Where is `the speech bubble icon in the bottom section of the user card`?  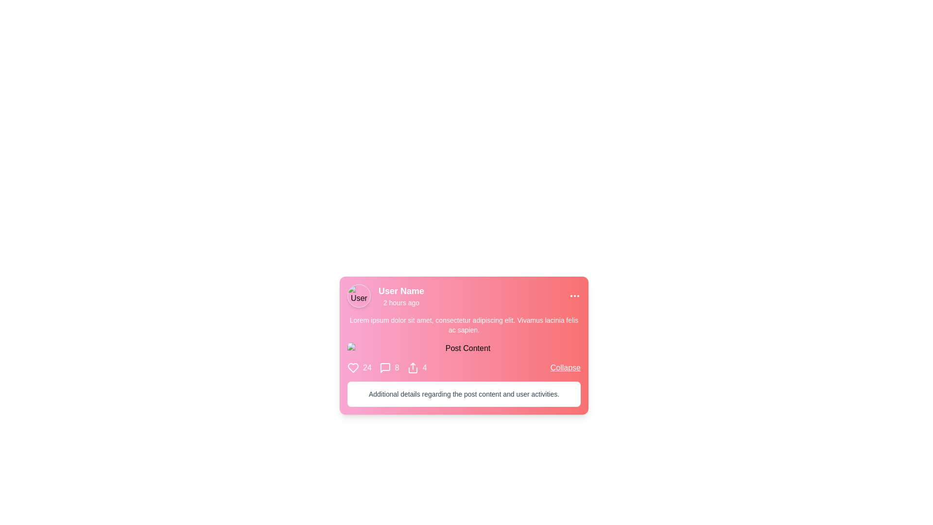 the speech bubble icon in the bottom section of the user card is located at coordinates (384, 367).